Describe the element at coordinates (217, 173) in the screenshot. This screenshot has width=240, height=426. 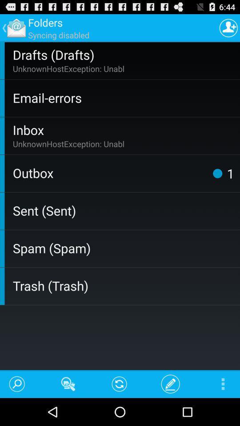
I see `the item to the right of the outbox app` at that location.